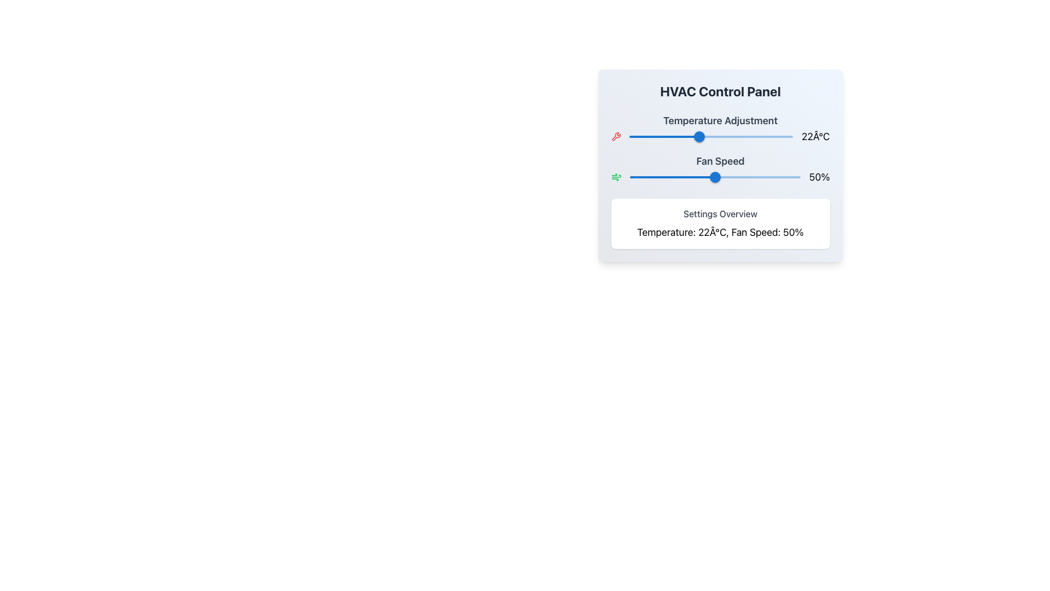 Image resolution: width=1050 pixels, height=591 pixels. I want to click on the fan speed, so click(656, 177).